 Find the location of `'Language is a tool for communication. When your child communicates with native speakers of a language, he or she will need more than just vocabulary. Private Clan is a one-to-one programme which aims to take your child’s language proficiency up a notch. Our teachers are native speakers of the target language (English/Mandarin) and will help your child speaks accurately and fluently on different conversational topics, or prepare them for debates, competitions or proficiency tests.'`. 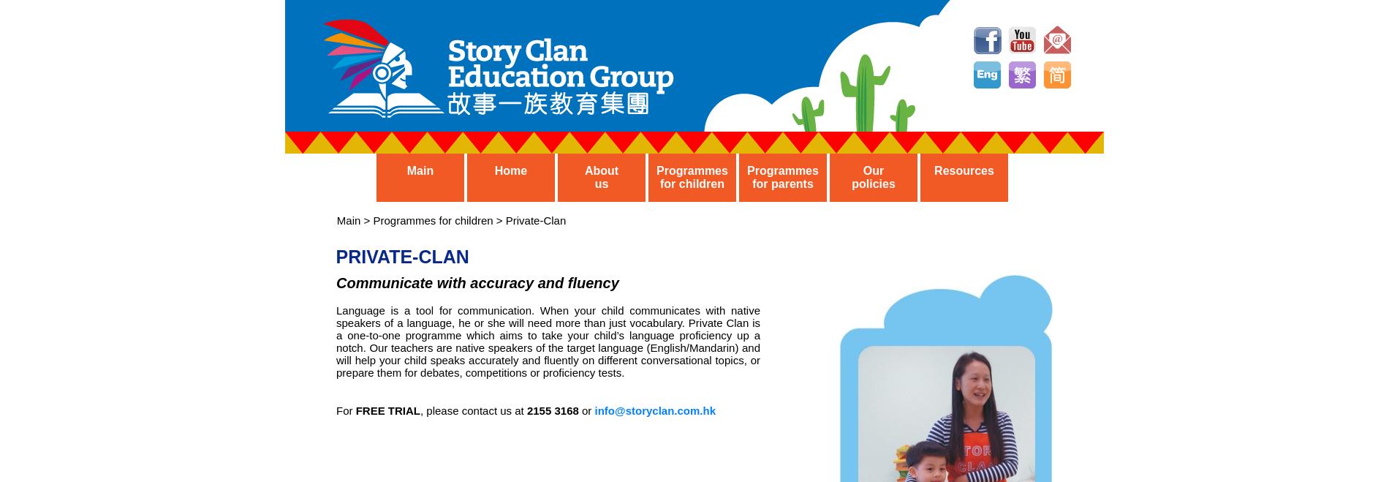

'Language is a tool for communication. When your child communicates with native speakers of a language, he or she will need more than just vocabulary. Private Clan is a one-to-one programme which aims to take your child’s language proficiency up a notch. Our teachers are native speakers of the target language (English/Mandarin) and will help your child speaks accurately and fluently on different conversational topics, or prepare them for debates, competitions or proficiency tests.' is located at coordinates (547, 341).